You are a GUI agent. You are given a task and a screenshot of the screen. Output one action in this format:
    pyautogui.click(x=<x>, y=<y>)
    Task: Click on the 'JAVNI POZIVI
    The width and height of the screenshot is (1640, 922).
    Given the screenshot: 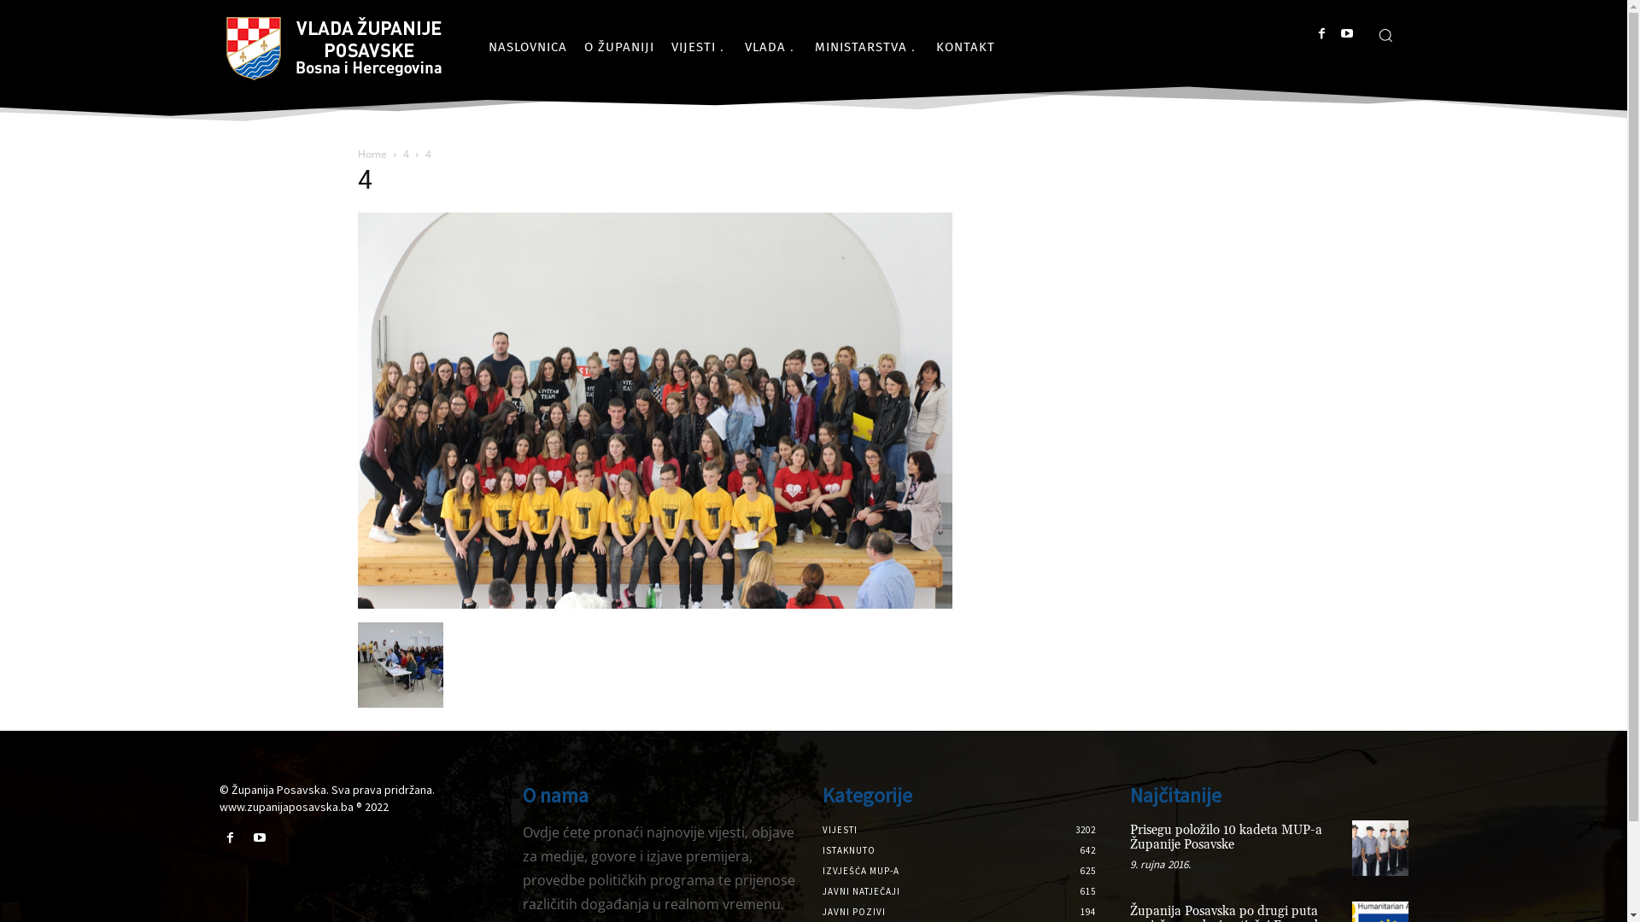 What is the action you would take?
    pyautogui.click(x=852, y=911)
    